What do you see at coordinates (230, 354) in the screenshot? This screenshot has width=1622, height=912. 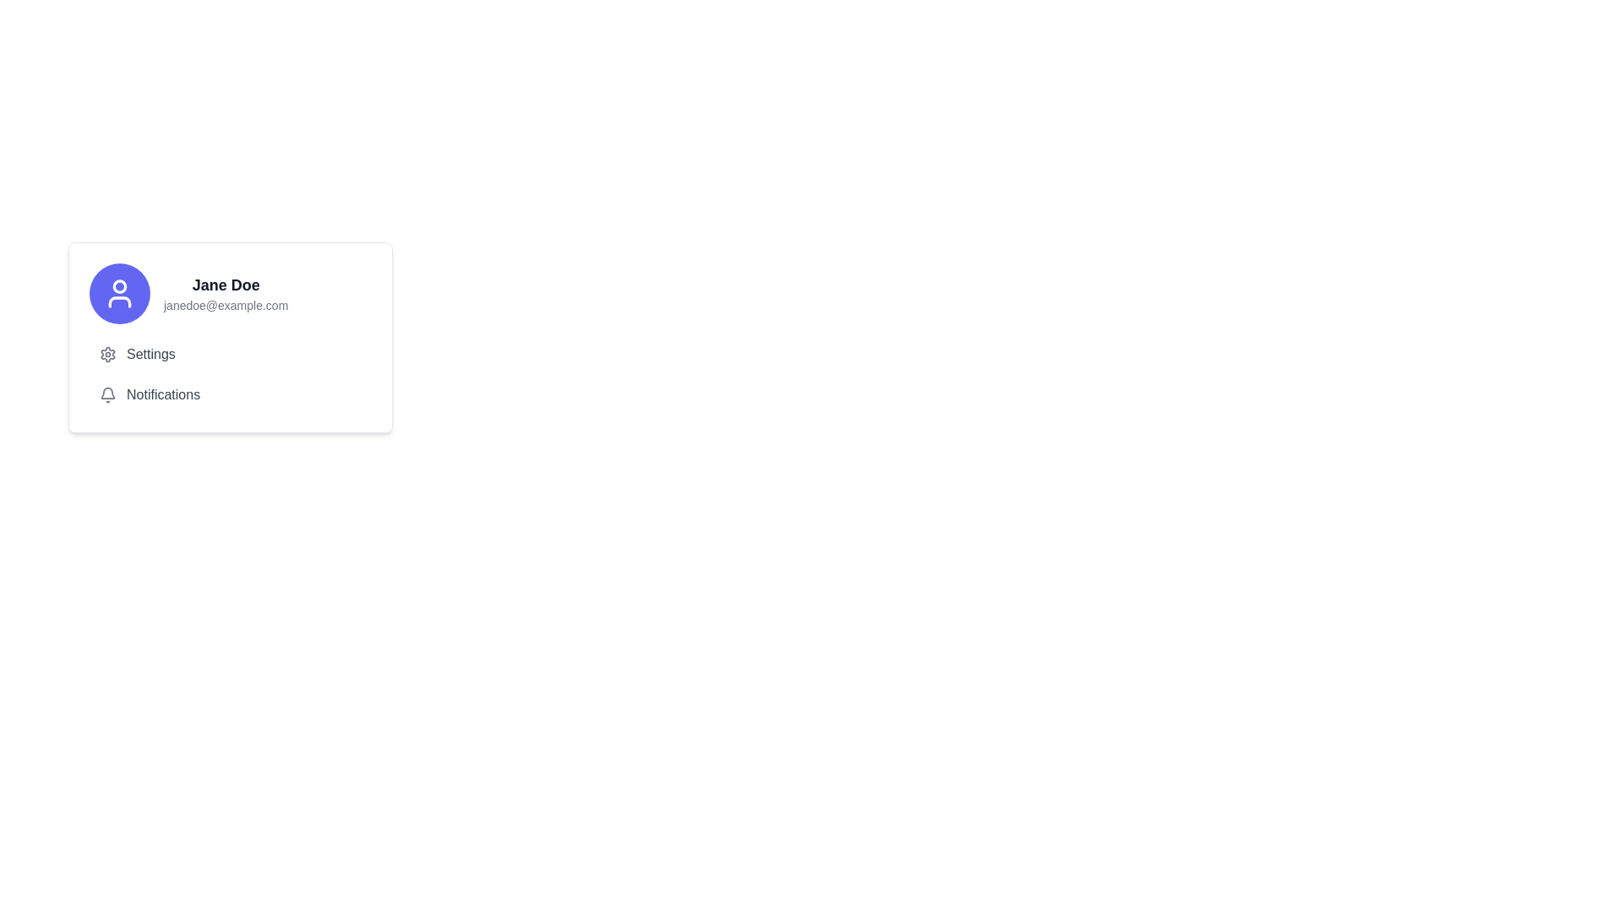 I see `the 'Settings' button, which has a light gray background and rounded corners` at bounding box center [230, 354].